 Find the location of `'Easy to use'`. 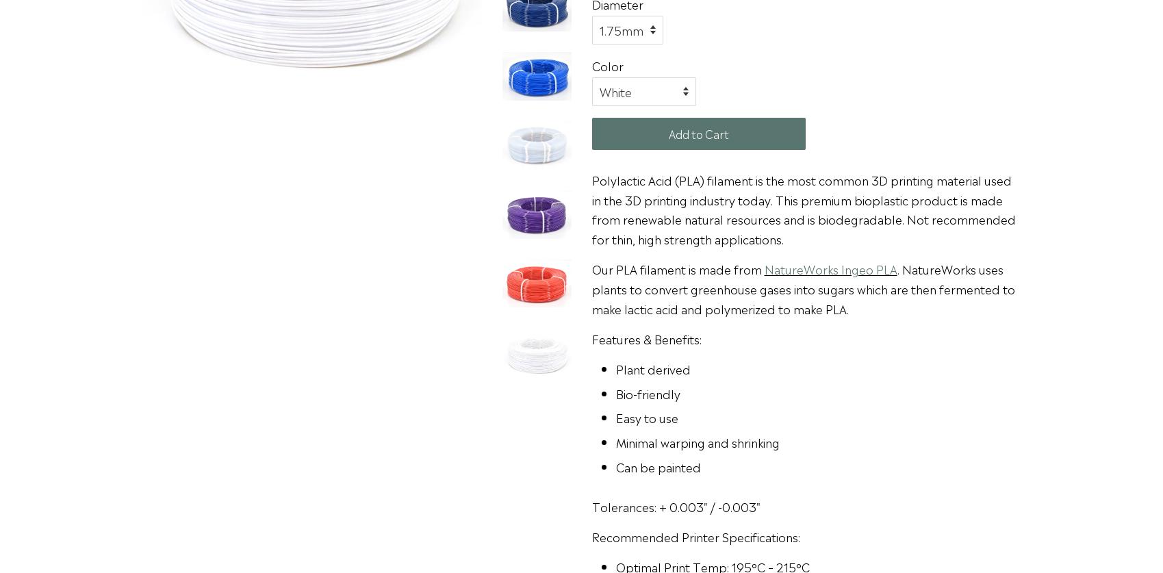

'Easy to use' is located at coordinates (646, 417).